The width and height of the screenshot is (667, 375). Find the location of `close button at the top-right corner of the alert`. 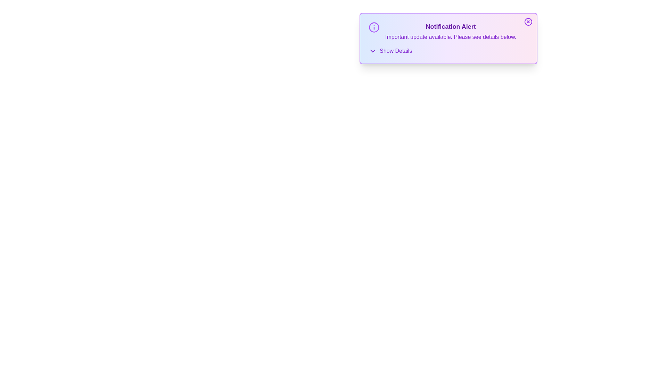

close button at the top-right corner of the alert is located at coordinates (528, 21).